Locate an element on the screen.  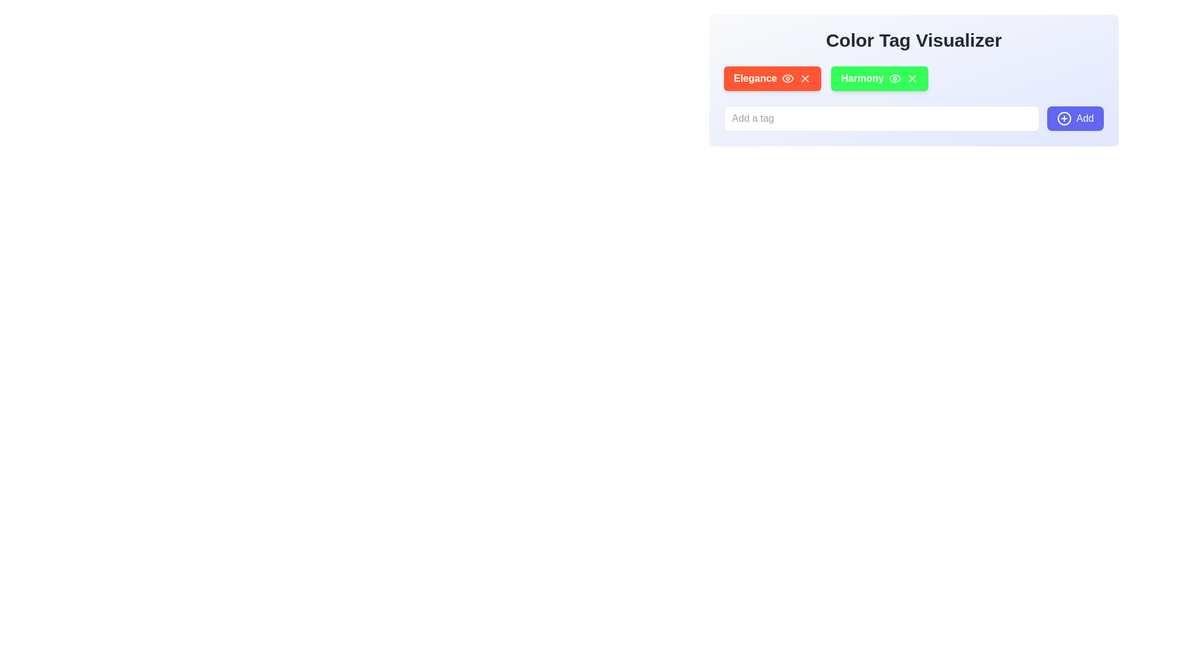
the Tag display element containing the 'Elegance' and 'Harmony' buttons is located at coordinates (914, 78).